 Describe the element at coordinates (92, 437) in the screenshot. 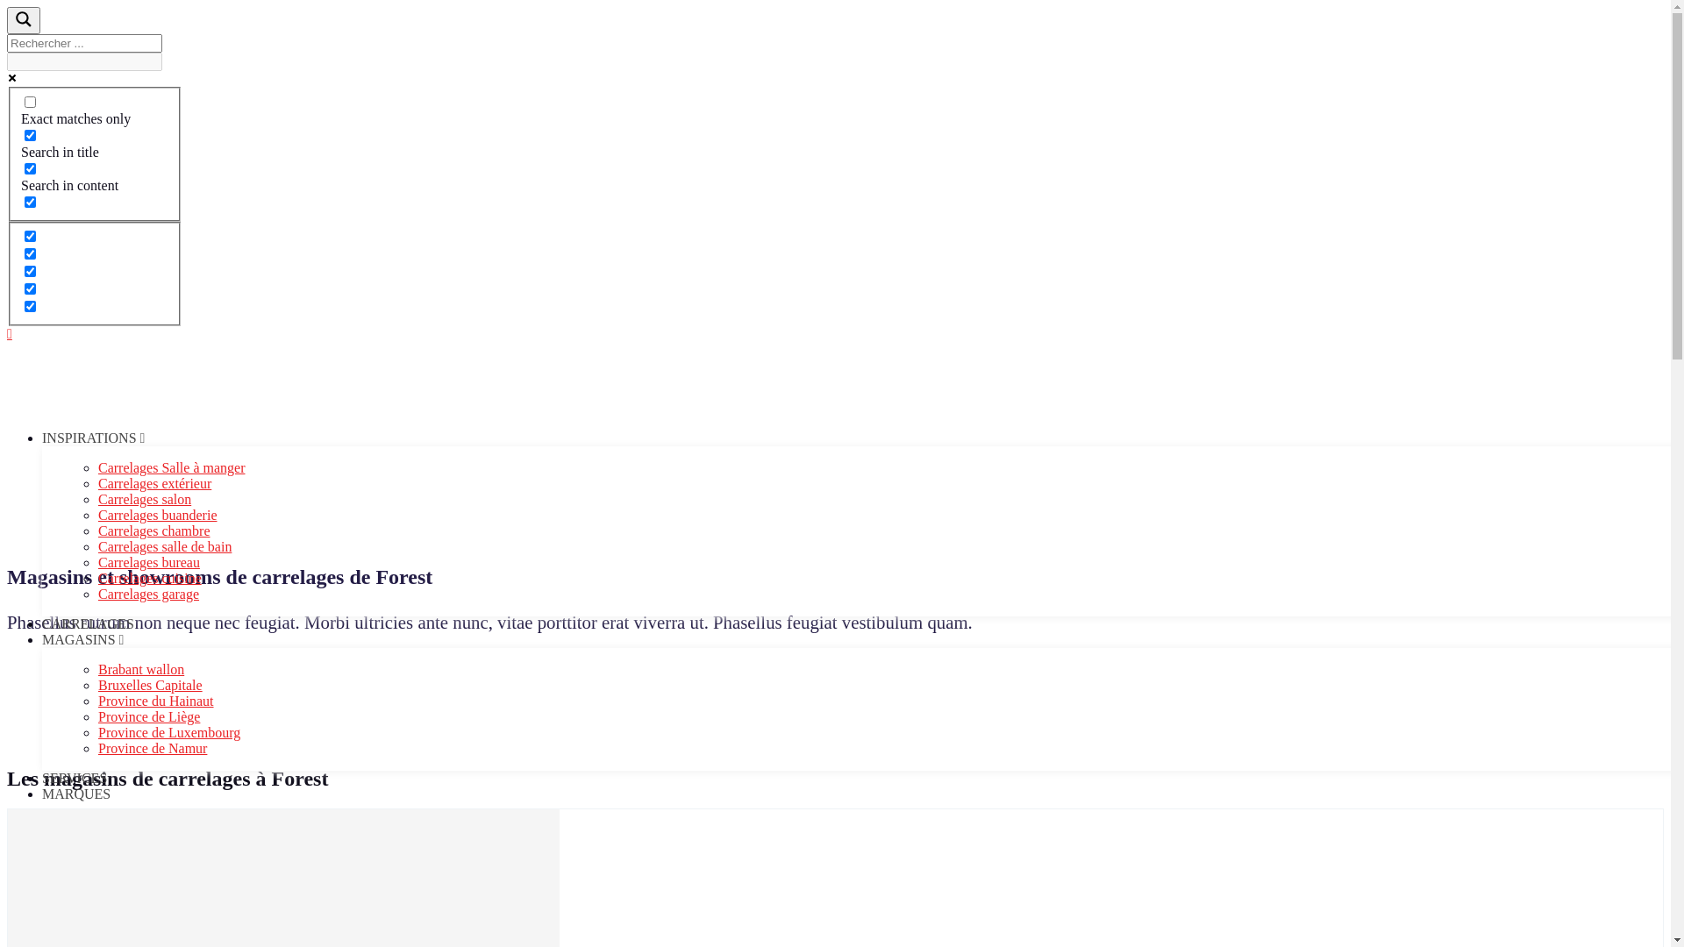

I see `'INSPIRATIONS'` at that location.